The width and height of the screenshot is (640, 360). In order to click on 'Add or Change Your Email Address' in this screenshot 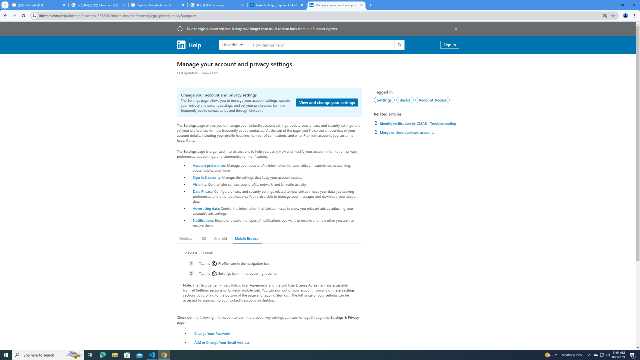, I will do `click(222, 342)`.